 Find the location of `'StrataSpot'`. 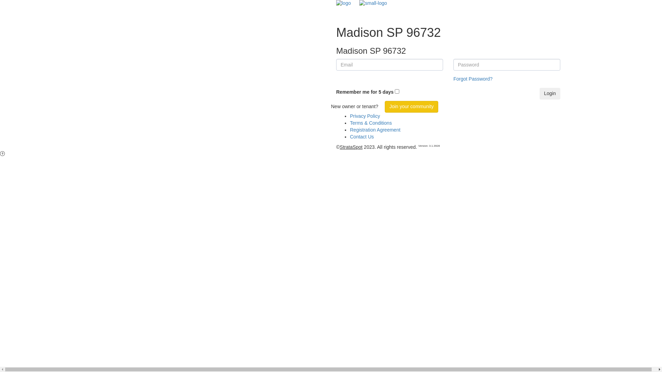

'StrataSpot' is located at coordinates (339, 147).